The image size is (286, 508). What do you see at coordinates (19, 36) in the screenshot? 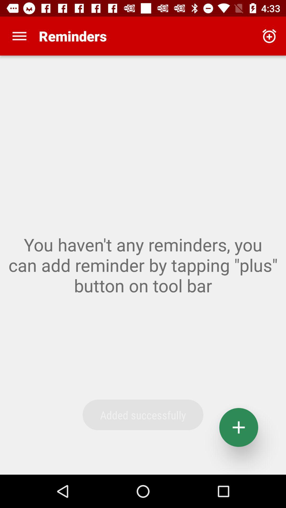
I see `icon at the top left corner` at bounding box center [19, 36].